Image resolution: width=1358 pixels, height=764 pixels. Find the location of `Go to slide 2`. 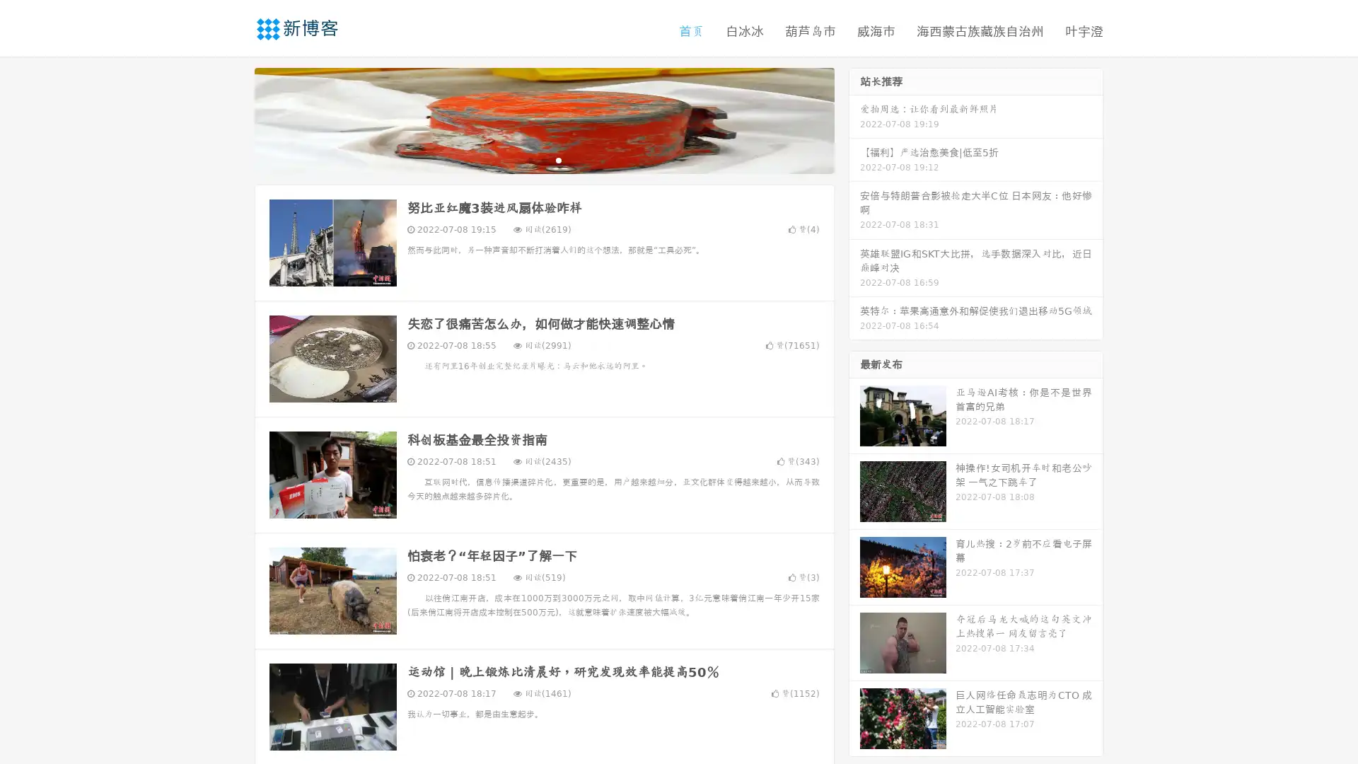

Go to slide 2 is located at coordinates (543, 159).